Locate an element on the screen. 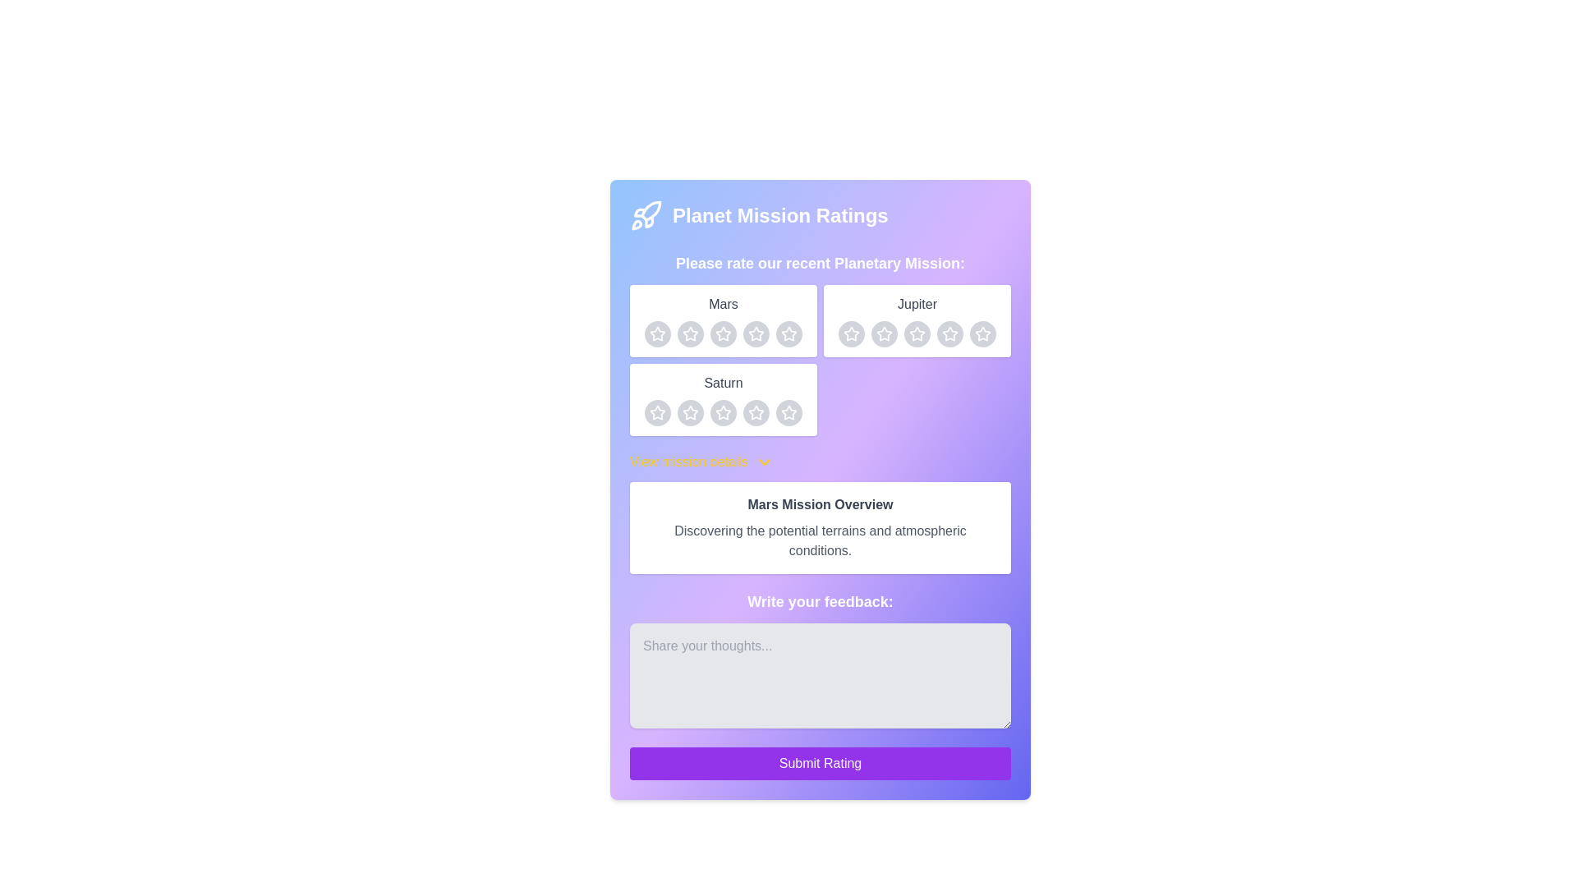 This screenshot has width=1577, height=887. the fourth star icon in the 'Mars' section of the rating module is located at coordinates (756, 333).